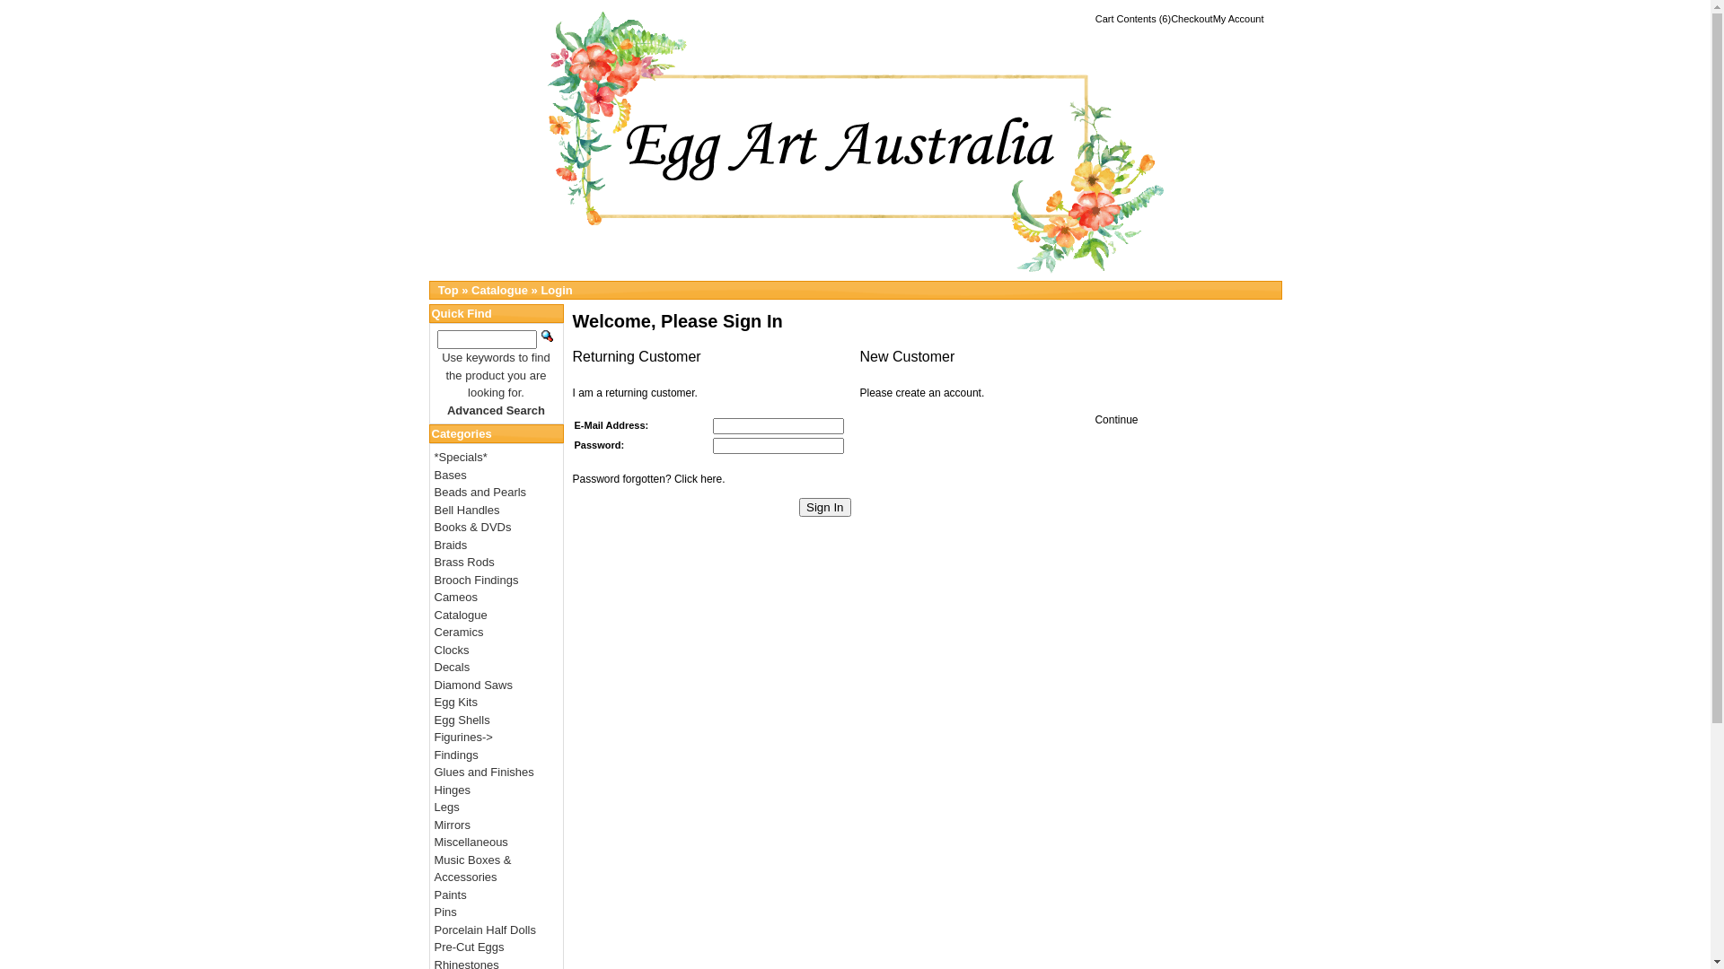  I want to click on 'Bell Handles', so click(467, 509).